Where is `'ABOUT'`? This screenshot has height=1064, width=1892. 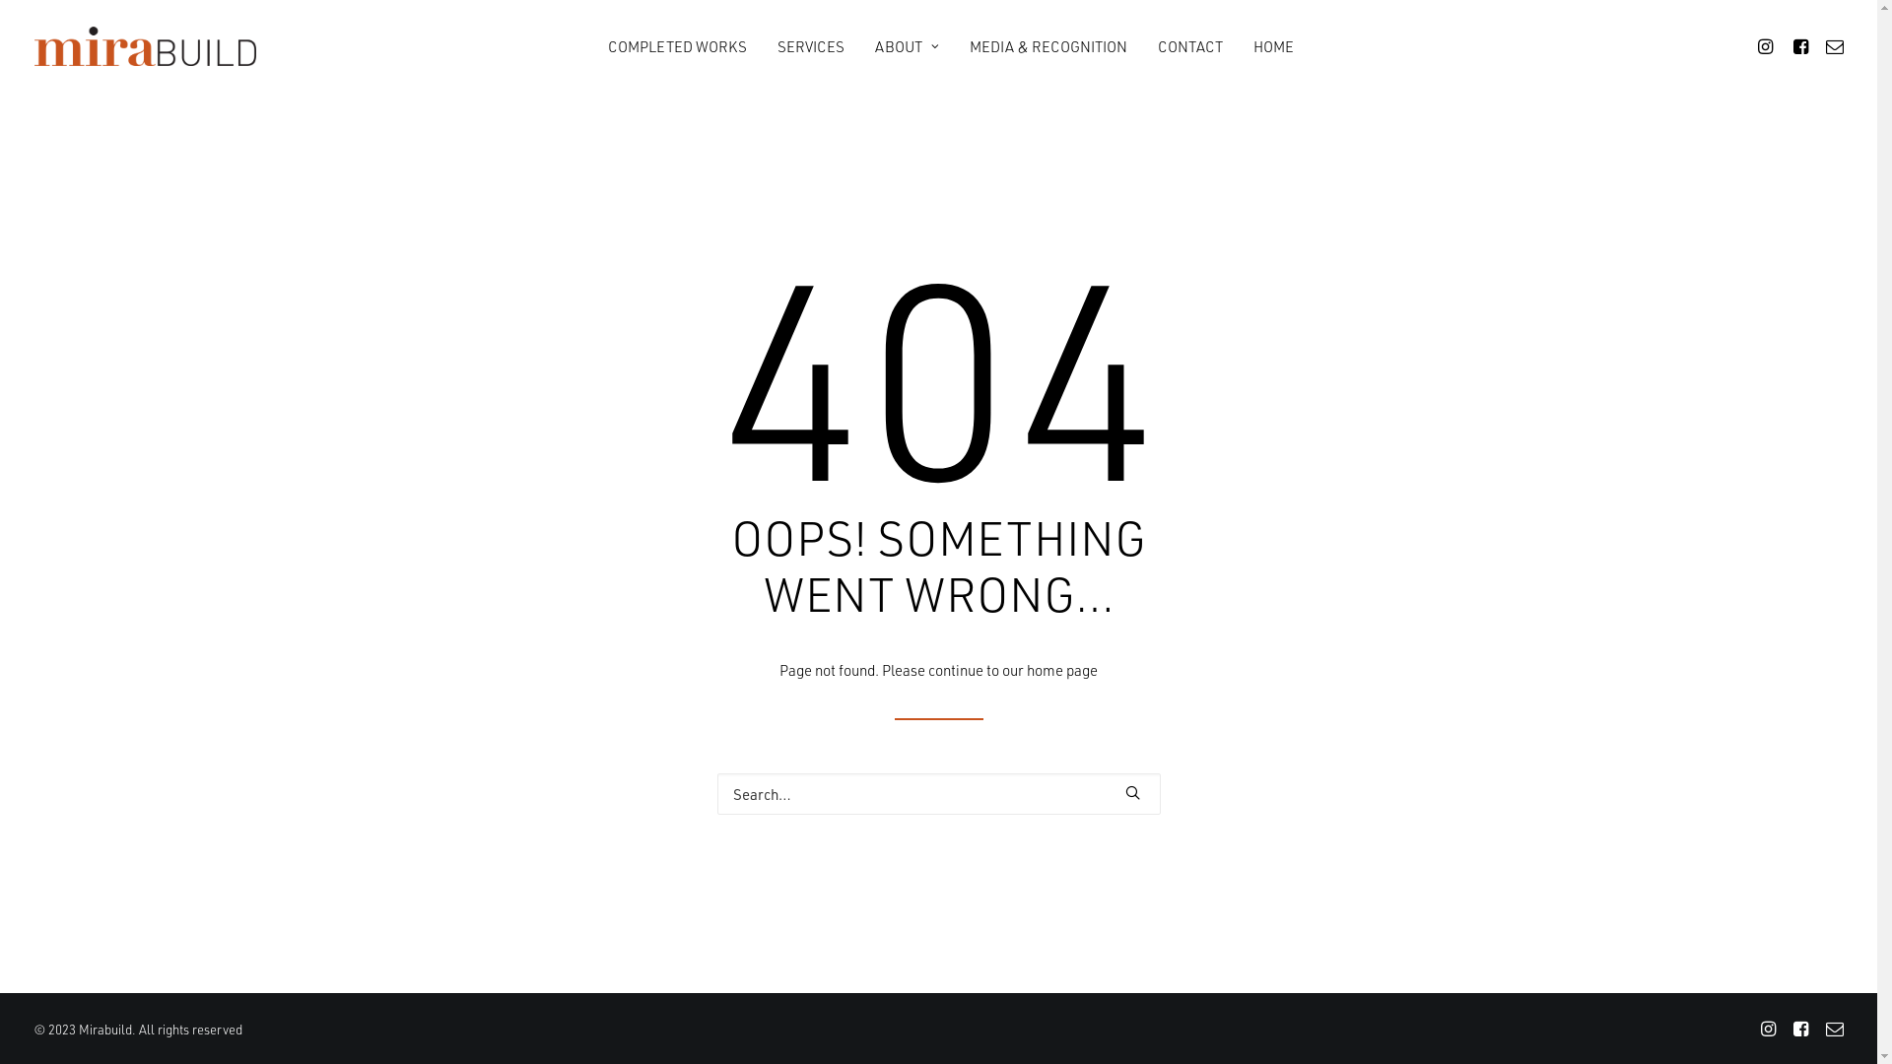
'ABOUT' is located at coordinates (906, 44).